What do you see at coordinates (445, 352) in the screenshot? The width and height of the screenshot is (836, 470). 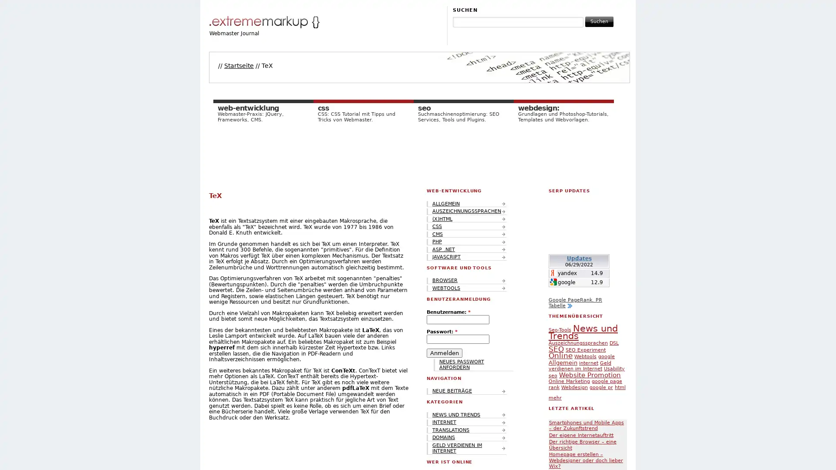 I see `Anmelden` at bounding box center [445, 352].